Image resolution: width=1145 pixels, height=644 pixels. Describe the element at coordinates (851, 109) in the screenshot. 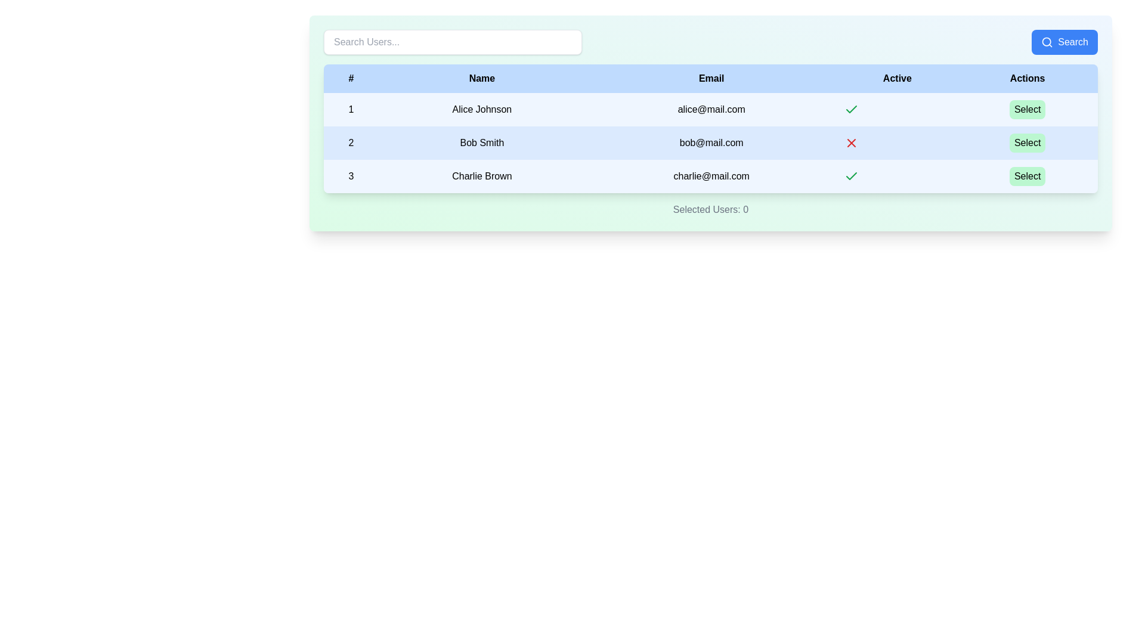

I see `the icon indicating a 'true' or 'confirmed' status for the 'Active' state of 'Charlie Brown' in the user data table` at that location.